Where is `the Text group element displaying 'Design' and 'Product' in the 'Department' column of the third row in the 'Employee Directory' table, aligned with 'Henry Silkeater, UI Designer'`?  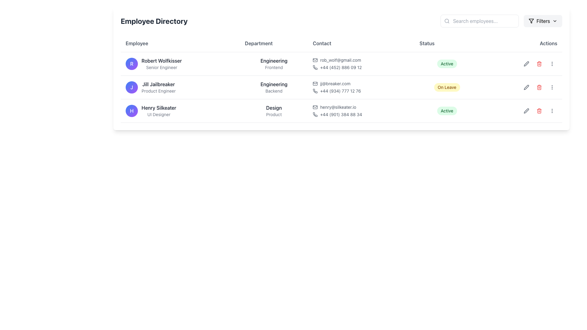
the Text group element displaying 'Design' and 'Product' in the 'Department' column of the third row in the 'Employee Directory' table, aligned with 'Henry Silkeater, UI Designer' is located at coordinates (274, 111).